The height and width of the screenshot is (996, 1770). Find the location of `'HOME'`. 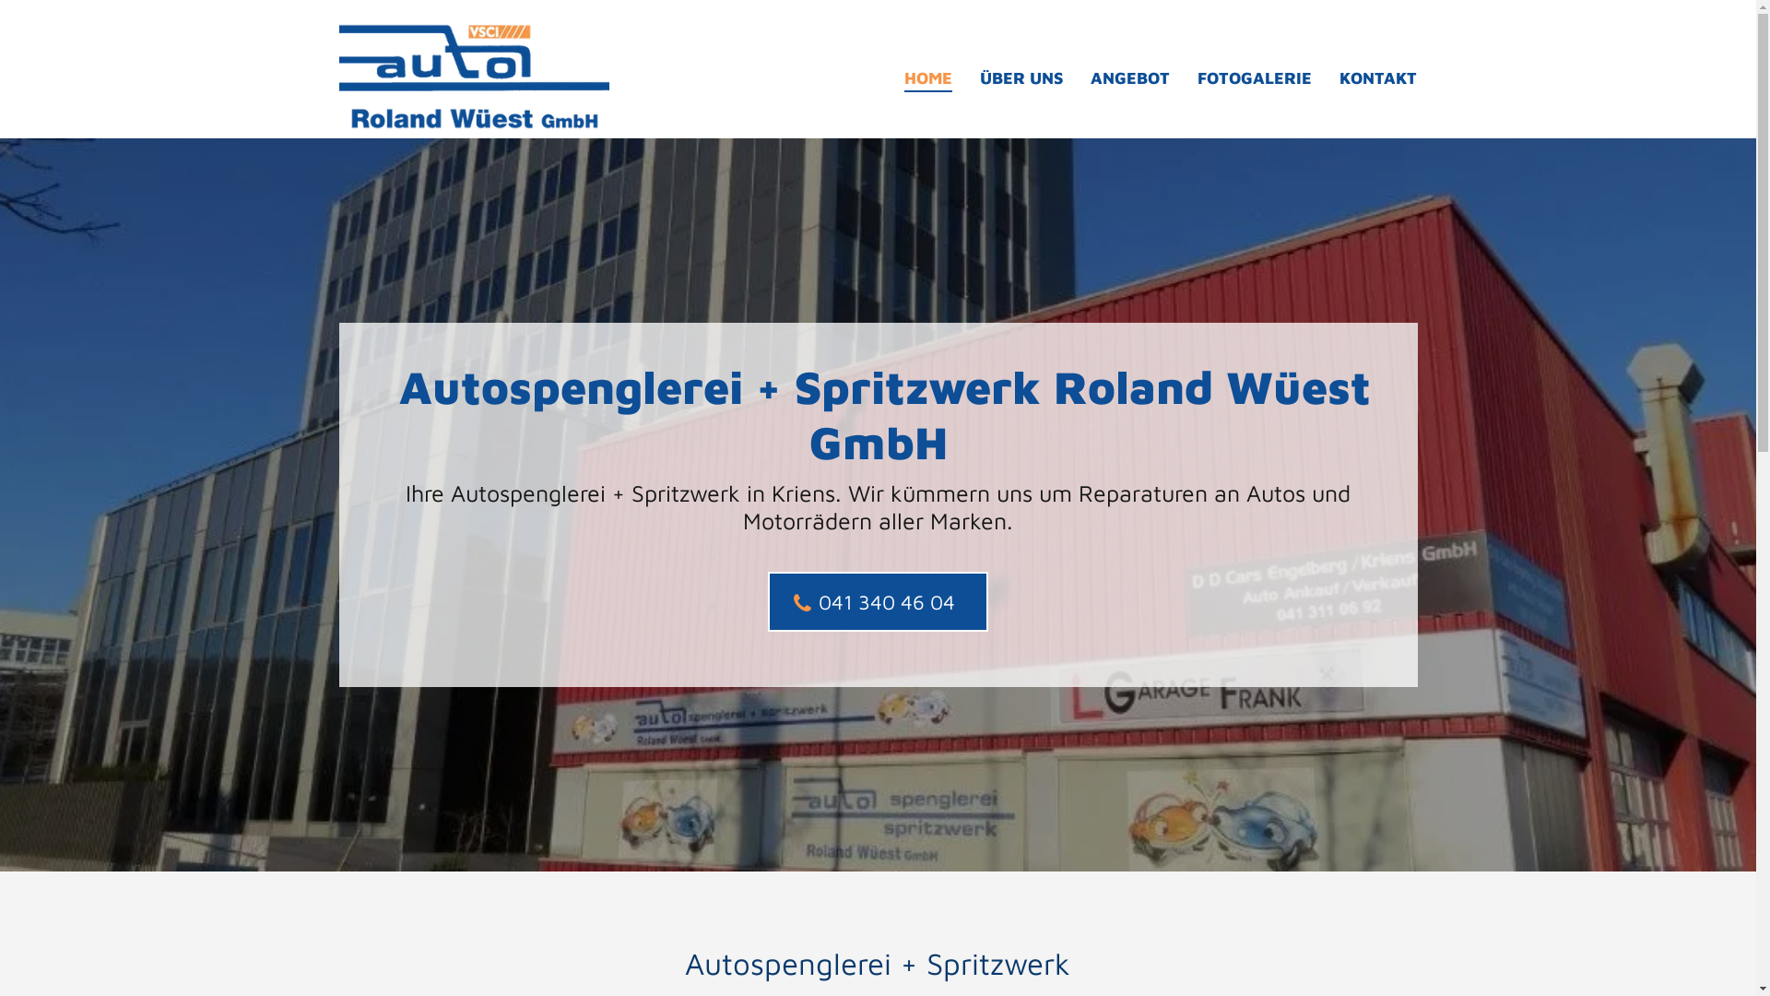

'HOME' is located at coordinates (928, 73).